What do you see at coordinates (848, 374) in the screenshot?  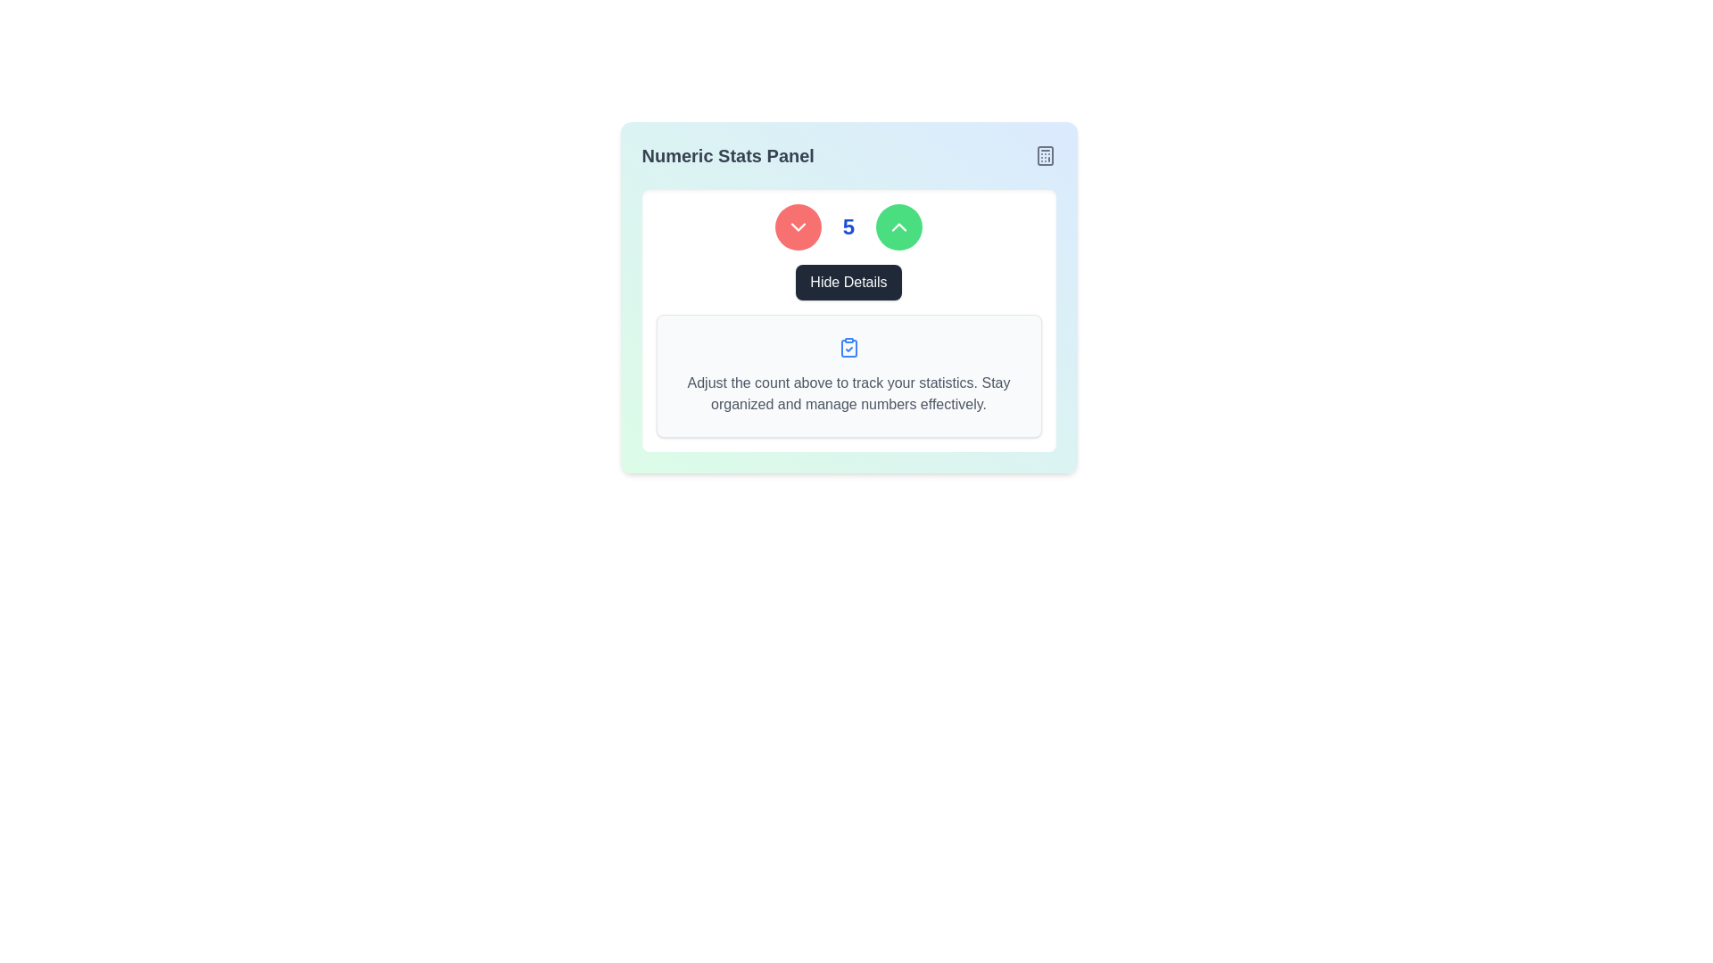 I see `the informational panel that contains a clipboard and checkmark icon, displaying the message 'Adjust the count above to track your statistics. Stay organized and manage numbers effectively.'` at bounding box center [848, 374].